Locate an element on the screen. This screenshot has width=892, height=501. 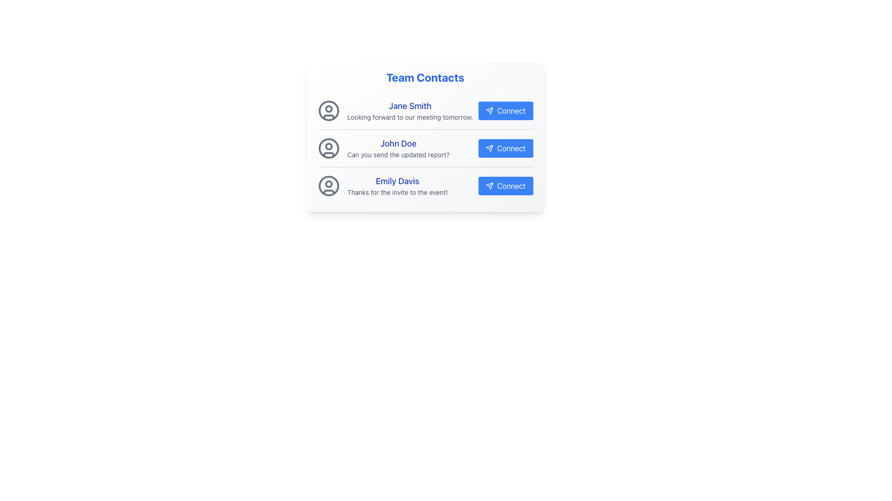
the user avatar icon, which is a circular gray icon located to the left of the text 'Emily Davis' in the third row of the 'Team Contacts' panel is located at coordinates (328, 186).